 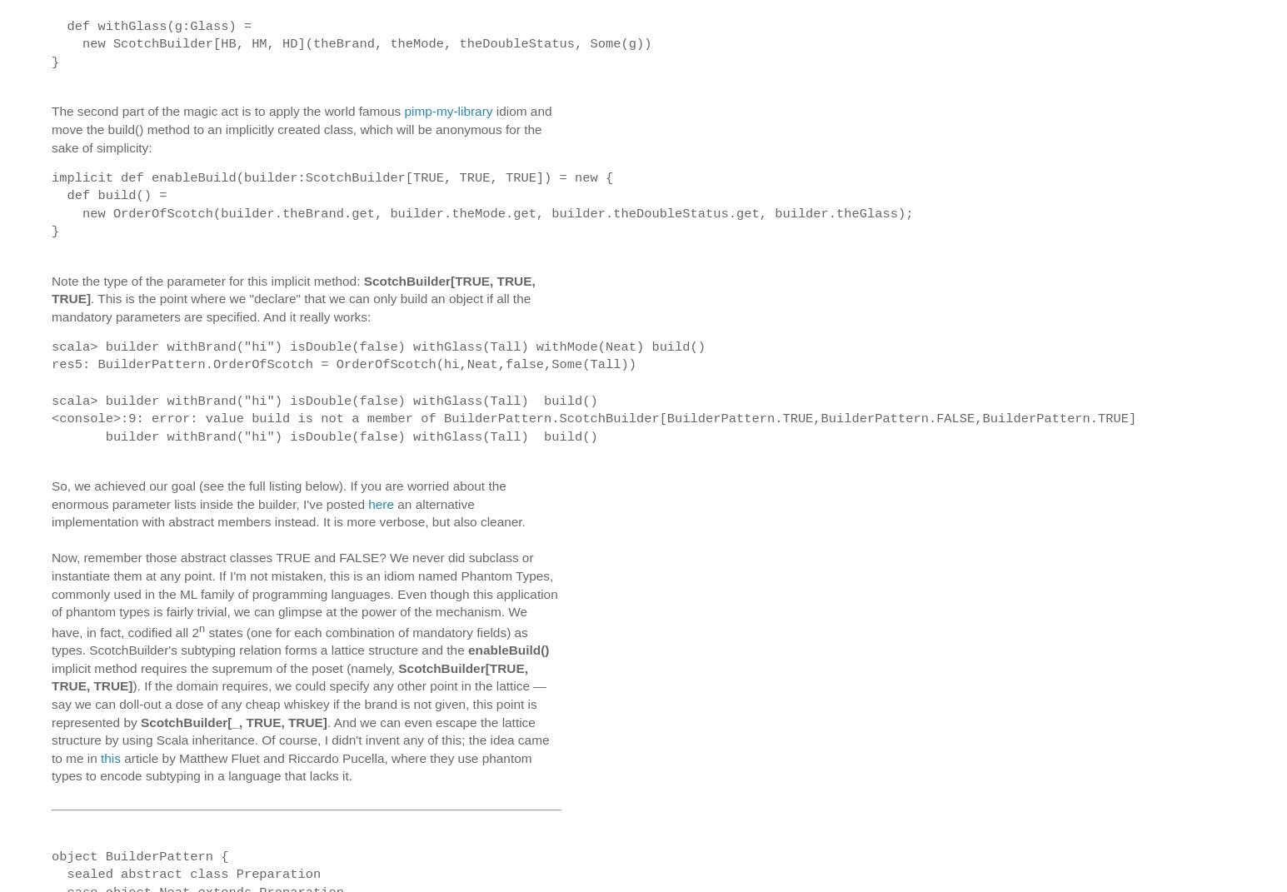 I want to click on '). If the domain requires, we could specify any other point in the lattice — say we can doll-out a dose of any cheap whiskey if the brand is not given, this point is represented by', so click(x=297, y=704).